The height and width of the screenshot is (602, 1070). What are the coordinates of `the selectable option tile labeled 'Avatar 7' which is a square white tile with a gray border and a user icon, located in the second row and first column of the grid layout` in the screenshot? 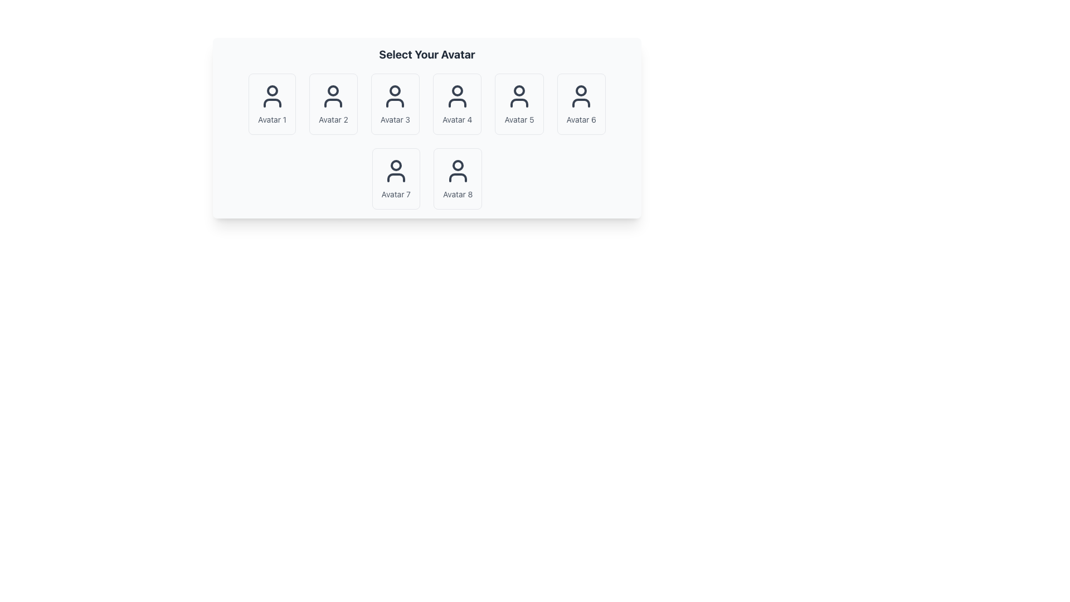 It's located at (396, 178).